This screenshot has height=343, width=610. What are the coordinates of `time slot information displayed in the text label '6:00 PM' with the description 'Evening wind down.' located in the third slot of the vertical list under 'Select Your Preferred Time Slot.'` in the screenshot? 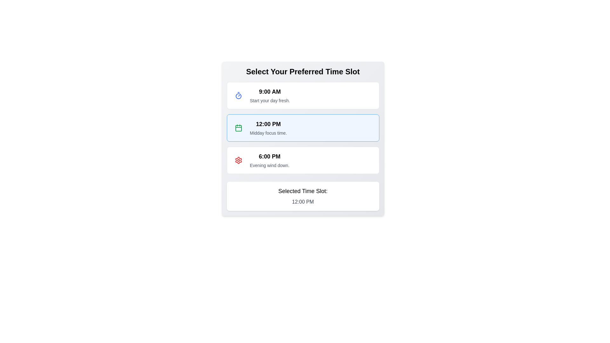 It's located at (269, 160).